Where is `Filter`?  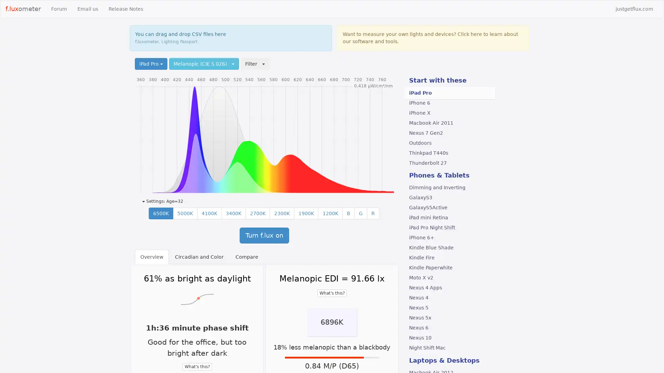
Filter is located at coordinates (255, 64).